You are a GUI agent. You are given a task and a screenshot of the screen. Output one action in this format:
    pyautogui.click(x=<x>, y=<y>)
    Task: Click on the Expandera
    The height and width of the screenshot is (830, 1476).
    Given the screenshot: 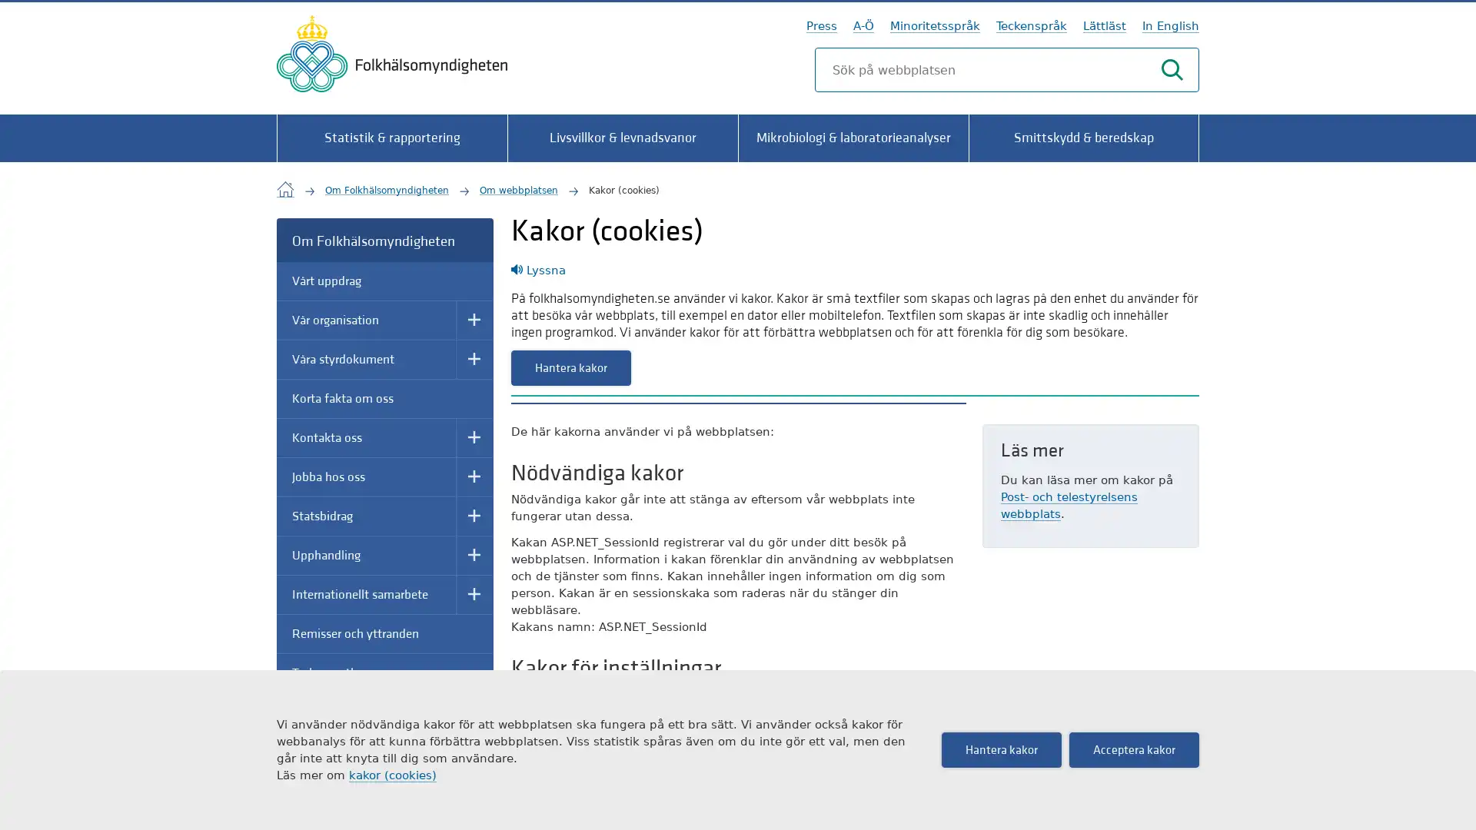 What is the action you would take?
    pyautogui.click(x=474, y=476)
    